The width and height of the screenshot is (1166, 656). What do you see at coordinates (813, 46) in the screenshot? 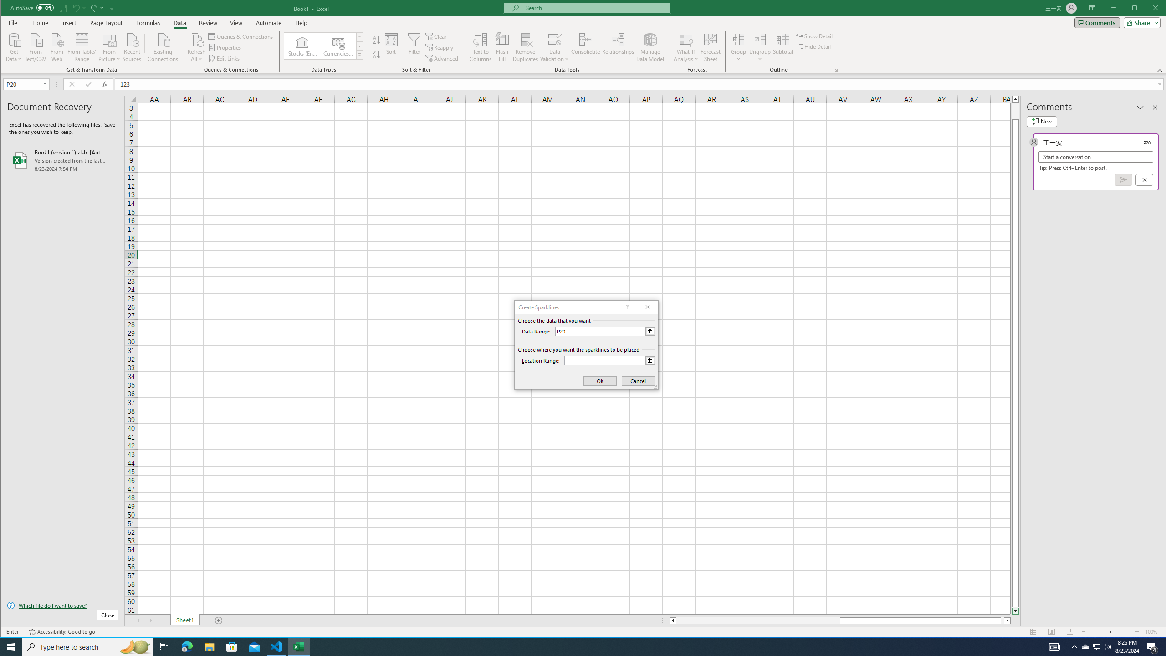
I see `'Hide Detail'` at bounding box center [813, 46].